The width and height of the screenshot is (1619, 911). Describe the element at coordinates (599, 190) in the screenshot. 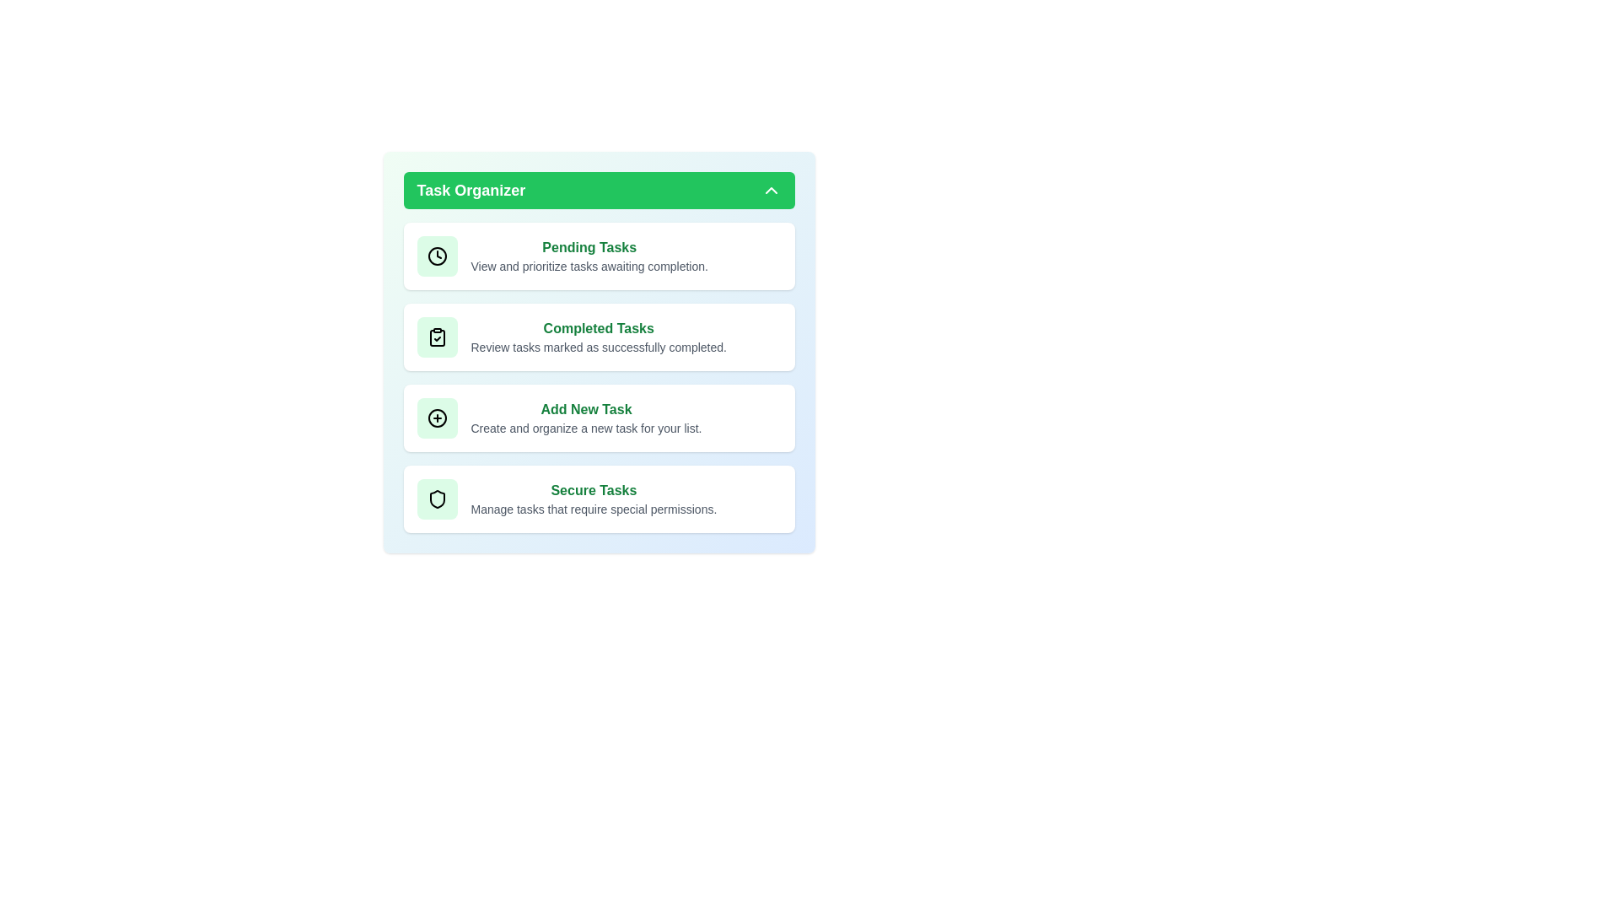

I see `the toggle button to expand or collapse the Task Organizer panel` at that location.